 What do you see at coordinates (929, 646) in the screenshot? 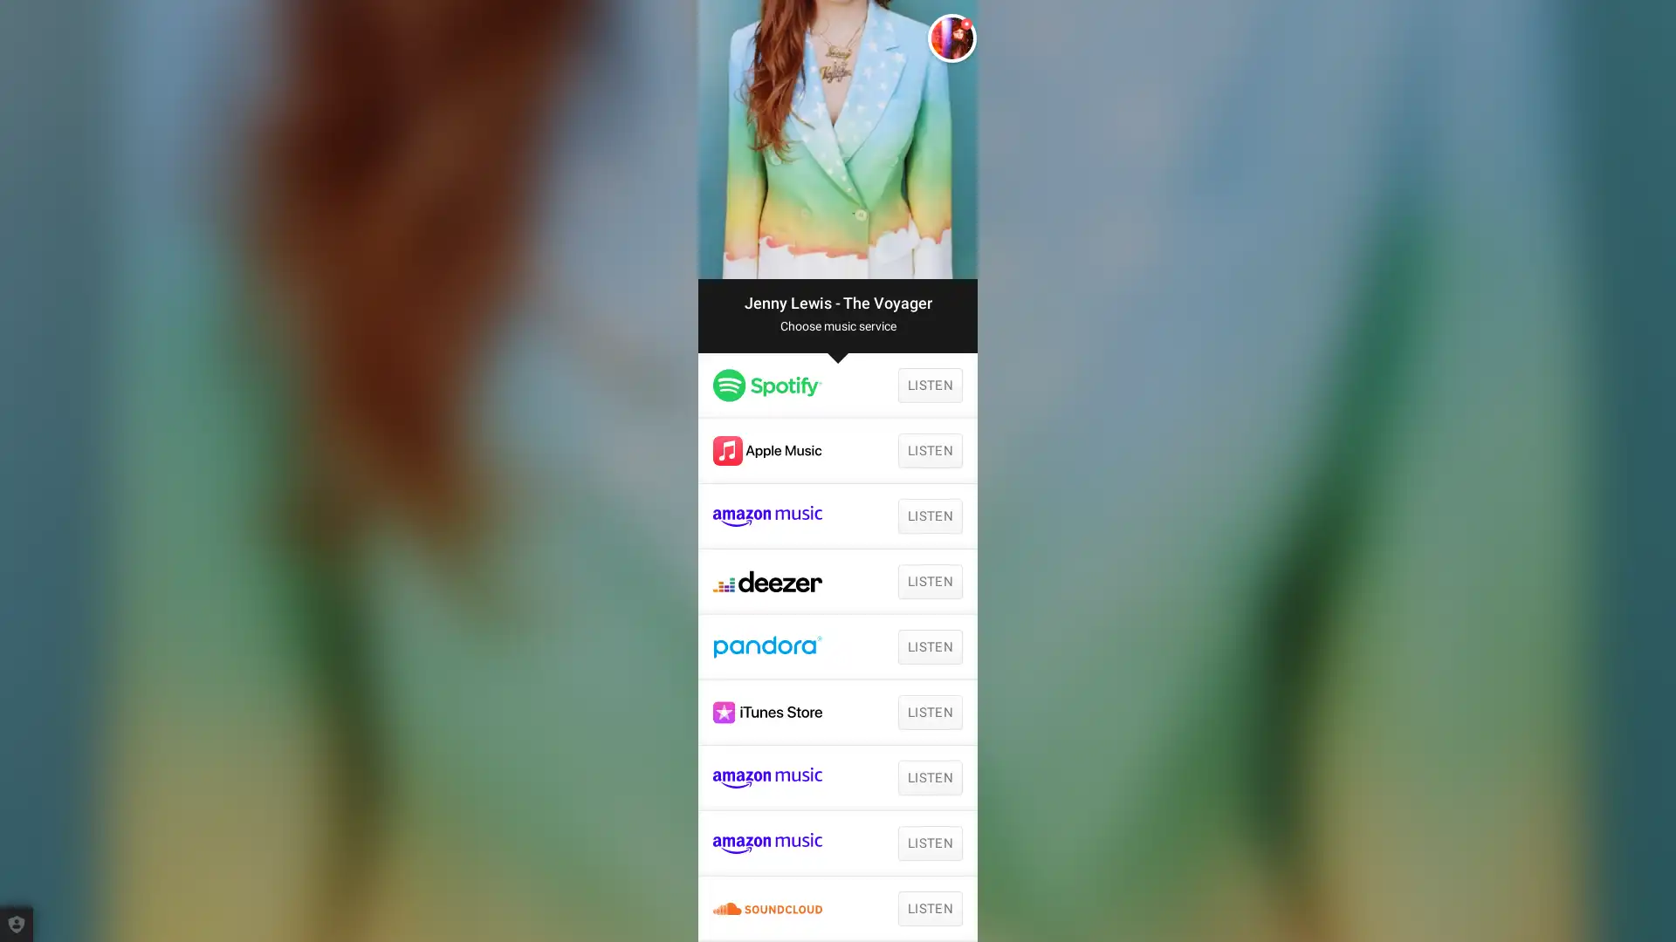
I see `LISTEN` at bounding box center [929, 646].